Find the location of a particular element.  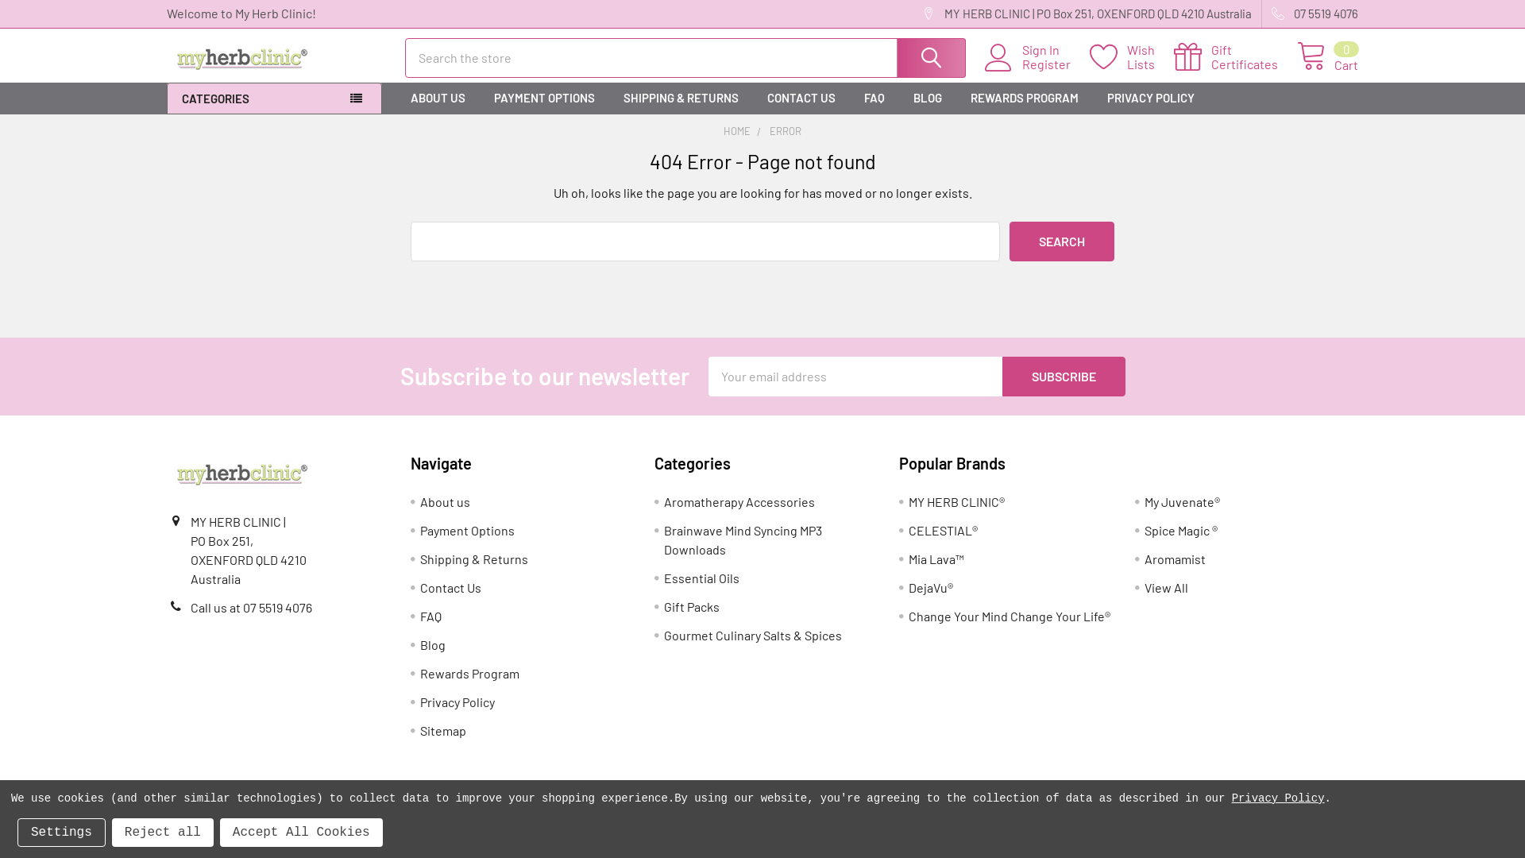

'ERROR' is located at coordinates (785, 130).